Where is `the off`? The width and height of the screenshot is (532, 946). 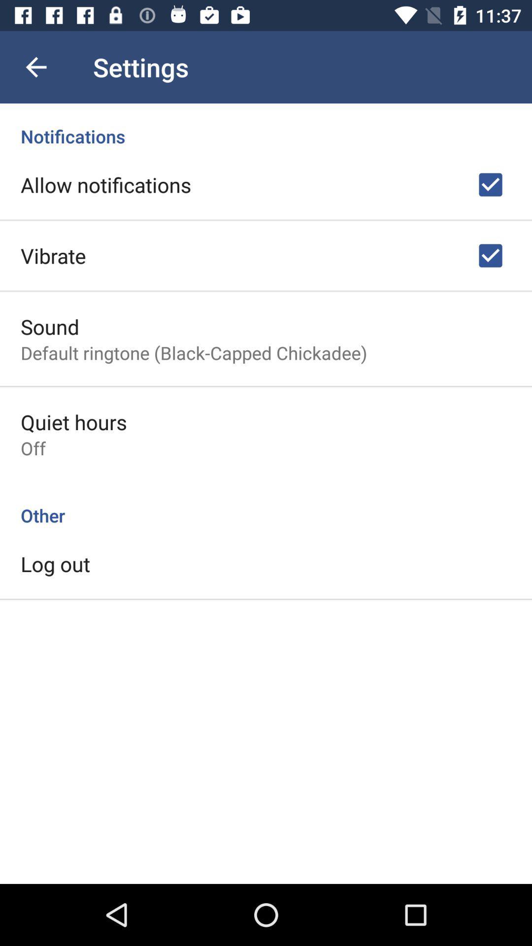
the off is located at coordinates (33, 447).